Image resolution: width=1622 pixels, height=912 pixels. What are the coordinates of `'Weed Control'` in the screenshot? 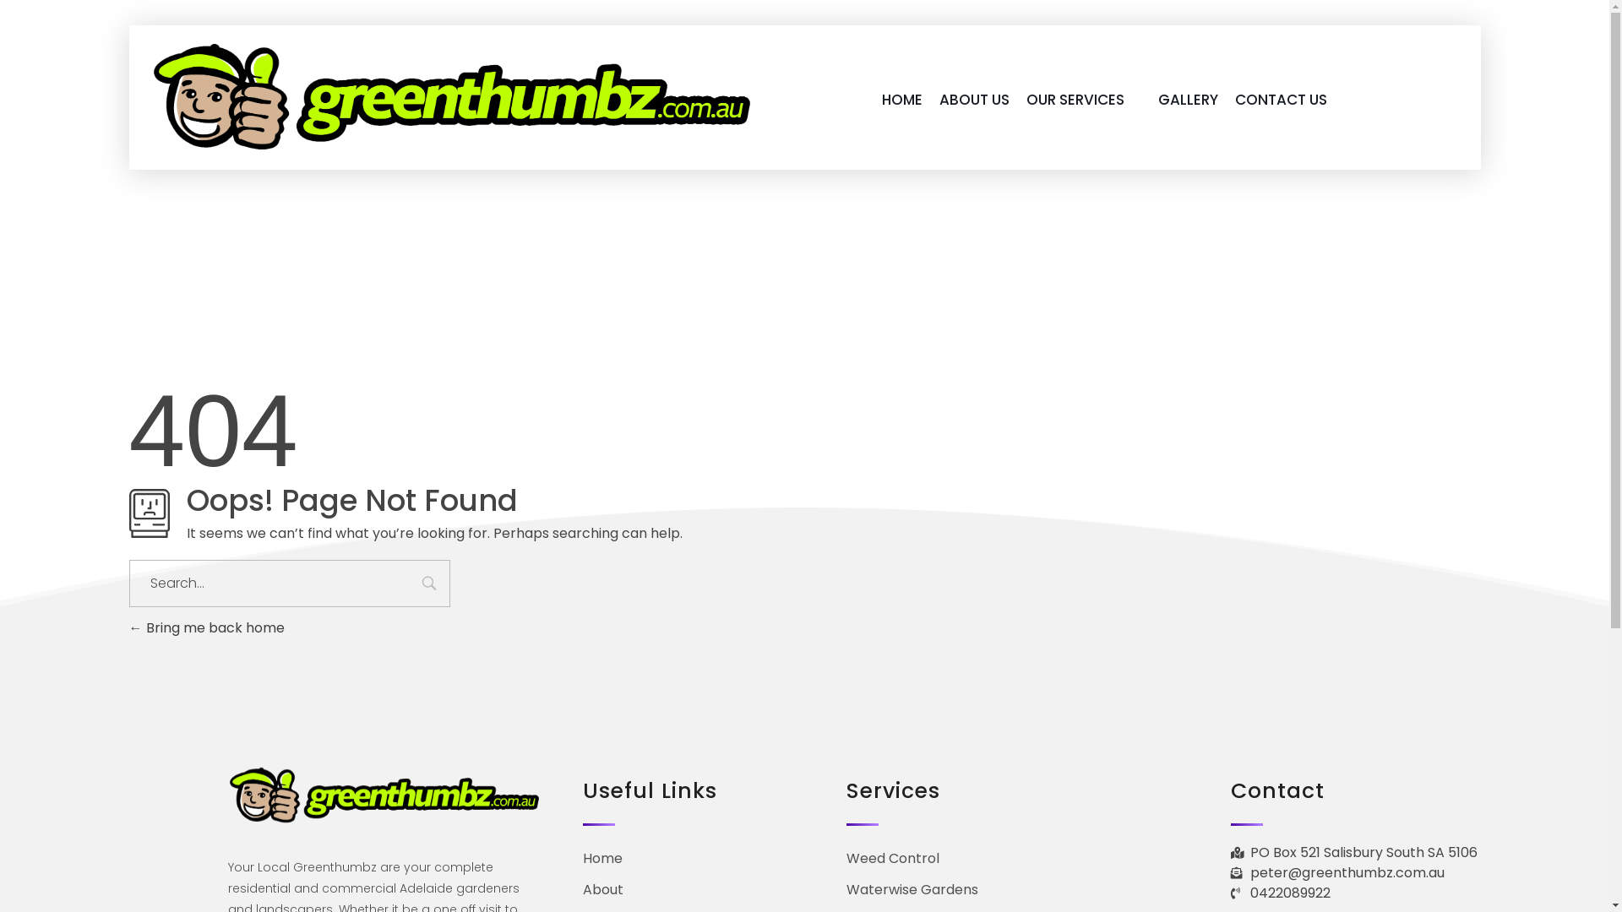 It's located at (891, 858).